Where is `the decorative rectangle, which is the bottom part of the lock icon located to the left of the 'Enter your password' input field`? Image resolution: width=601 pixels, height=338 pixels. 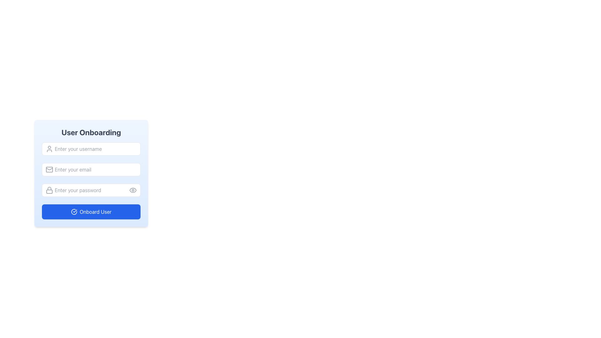 the decorative rectangle, which is the bottom part of the lock icon located to the left of the 'Enter your password' input field is located at coordinates (49, 191).